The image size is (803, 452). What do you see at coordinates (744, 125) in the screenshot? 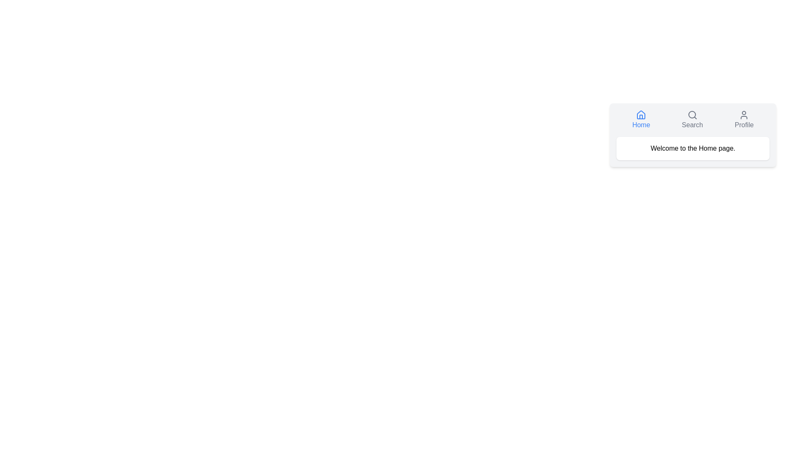
I see `'Profile' text label, which is a muted gray color positioned beneath a user profile icon in the far-right section of the top navigation bar` at bounding box center [744, 125].